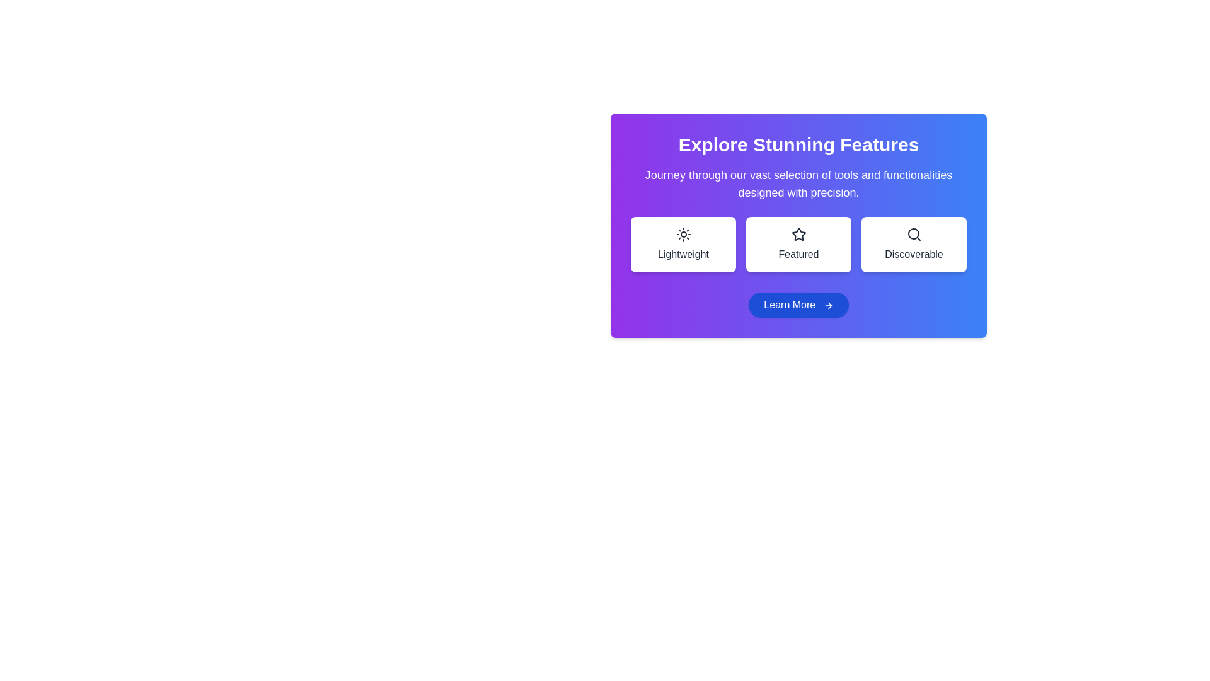 The image size is (1210, 681). Describe the element at coordinates (829, 305) in the screenshot. I see `the visual feedback of the right-pointing arrow icon located inside the 'Learn More' button, positioned to the right of the button's text` at that location.